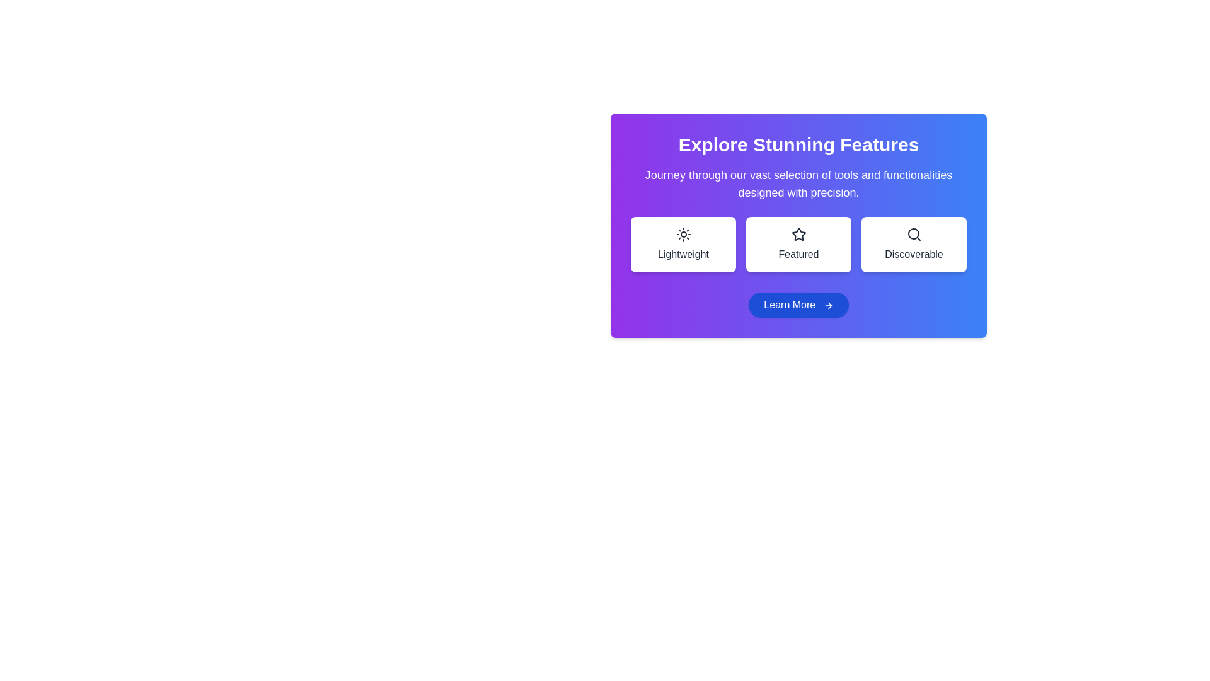 The image size is (1210, 681). Describe the element at coordinates (829, 305) in the screenshot. I see `the visual feedback of the right-pointing arrow icon located inside the 'Learn More' button, positioned to the right of the button's text` at that location.